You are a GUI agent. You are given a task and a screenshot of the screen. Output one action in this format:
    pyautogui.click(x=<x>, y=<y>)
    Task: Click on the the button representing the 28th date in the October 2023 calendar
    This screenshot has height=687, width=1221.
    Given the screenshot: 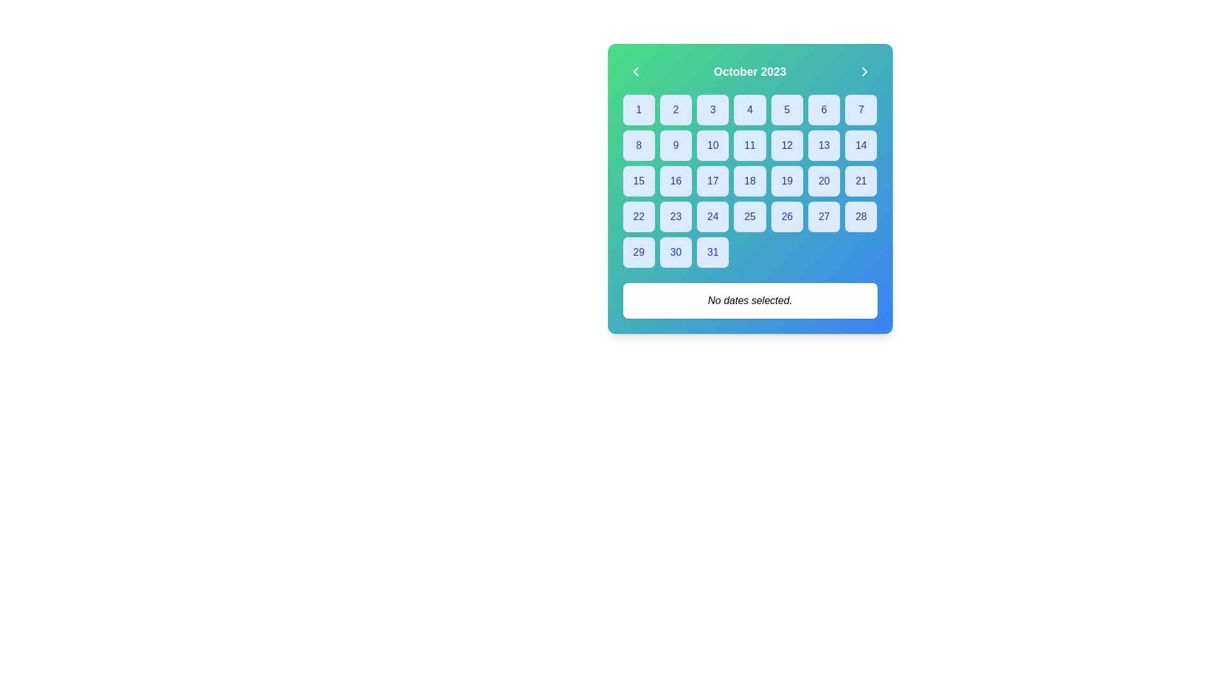 What is the action you would take?
    pyautogui.click(x=861, y=216)
    